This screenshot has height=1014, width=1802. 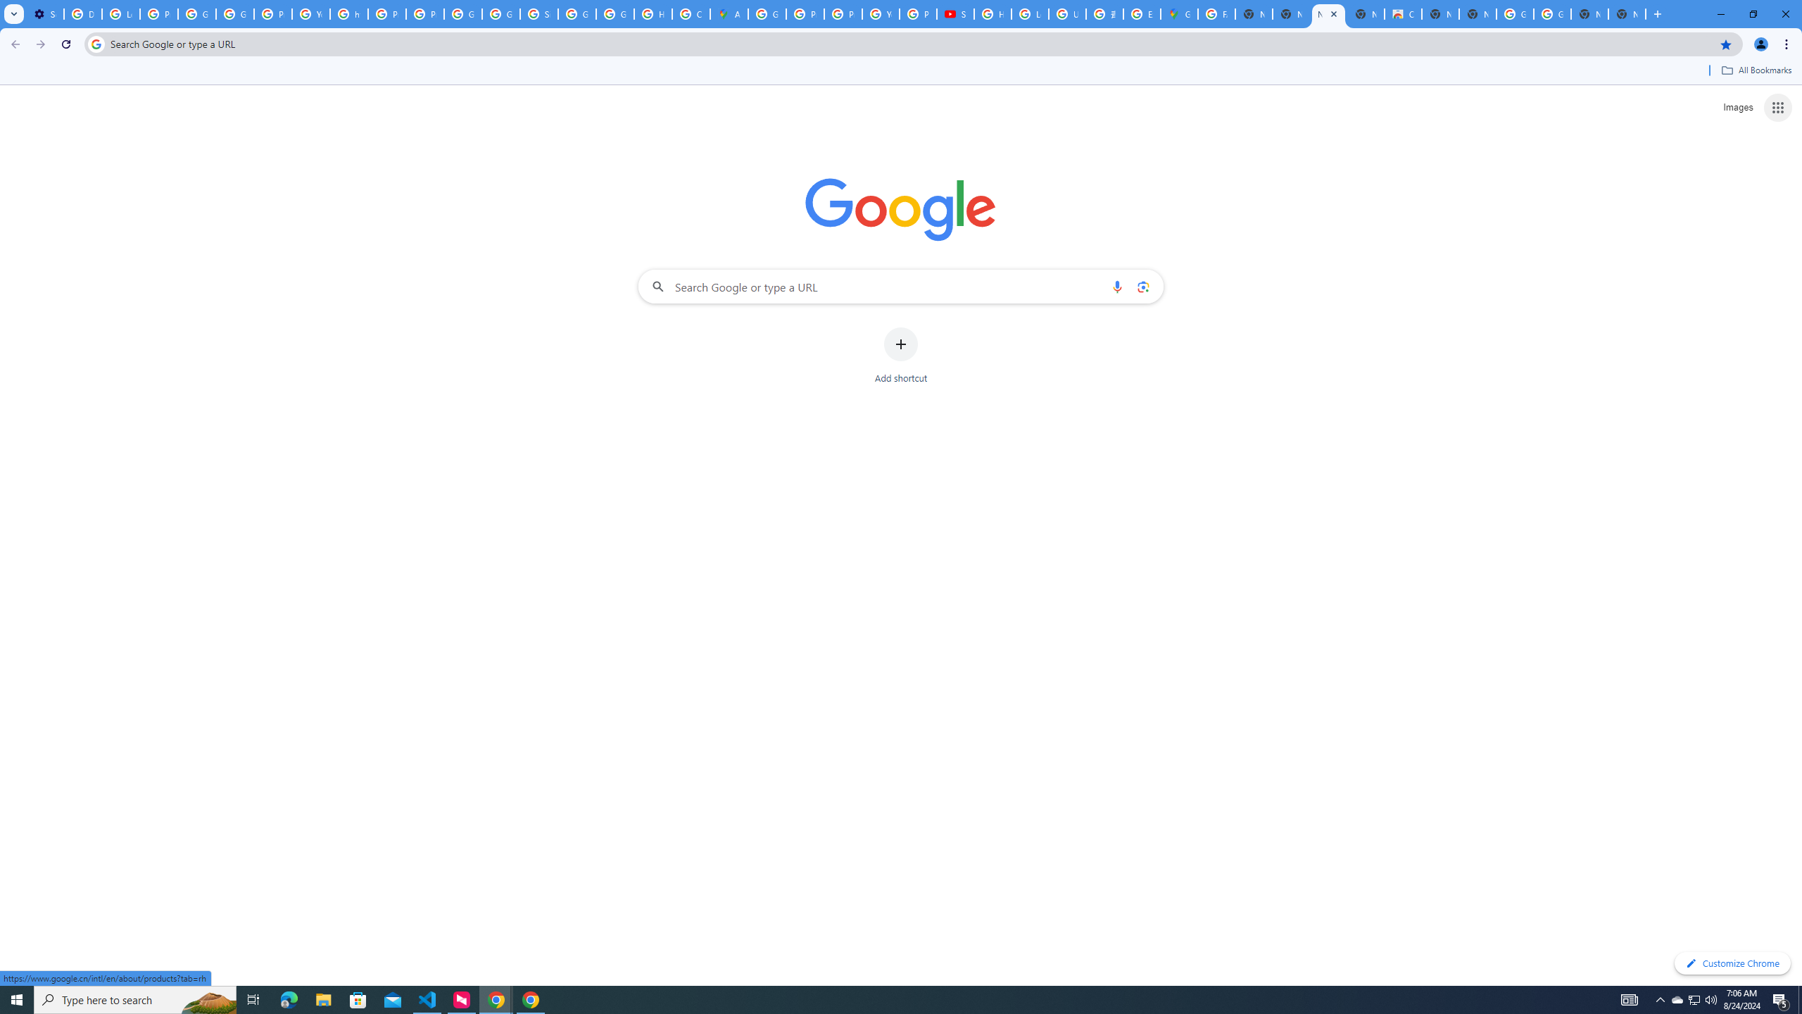 I want to click on 'Settings - Performance', so click(x=45, y=13).